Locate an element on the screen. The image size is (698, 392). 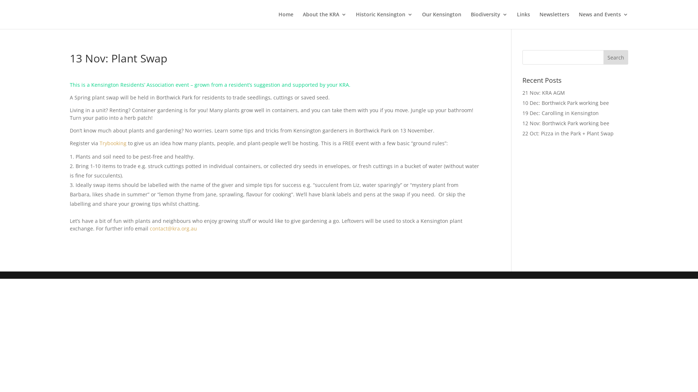
'Trybooking' is located at coordinates (113, 143).